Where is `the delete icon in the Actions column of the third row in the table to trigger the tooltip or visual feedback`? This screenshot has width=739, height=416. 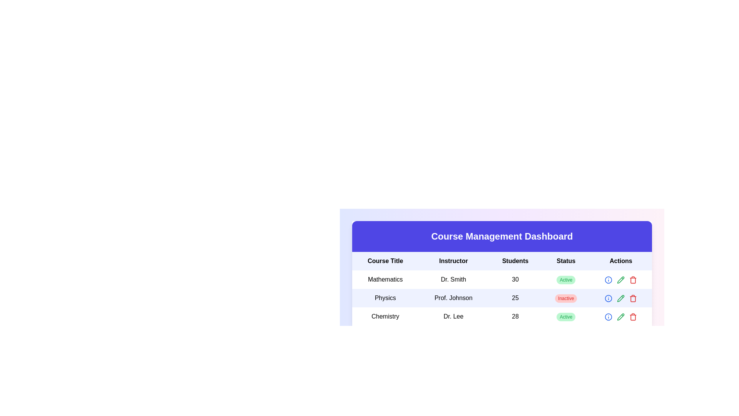
the delete icon in the Actions column of the third row in the table to trigger the tooltip or visual feedback is located at coordinates (633, 280).